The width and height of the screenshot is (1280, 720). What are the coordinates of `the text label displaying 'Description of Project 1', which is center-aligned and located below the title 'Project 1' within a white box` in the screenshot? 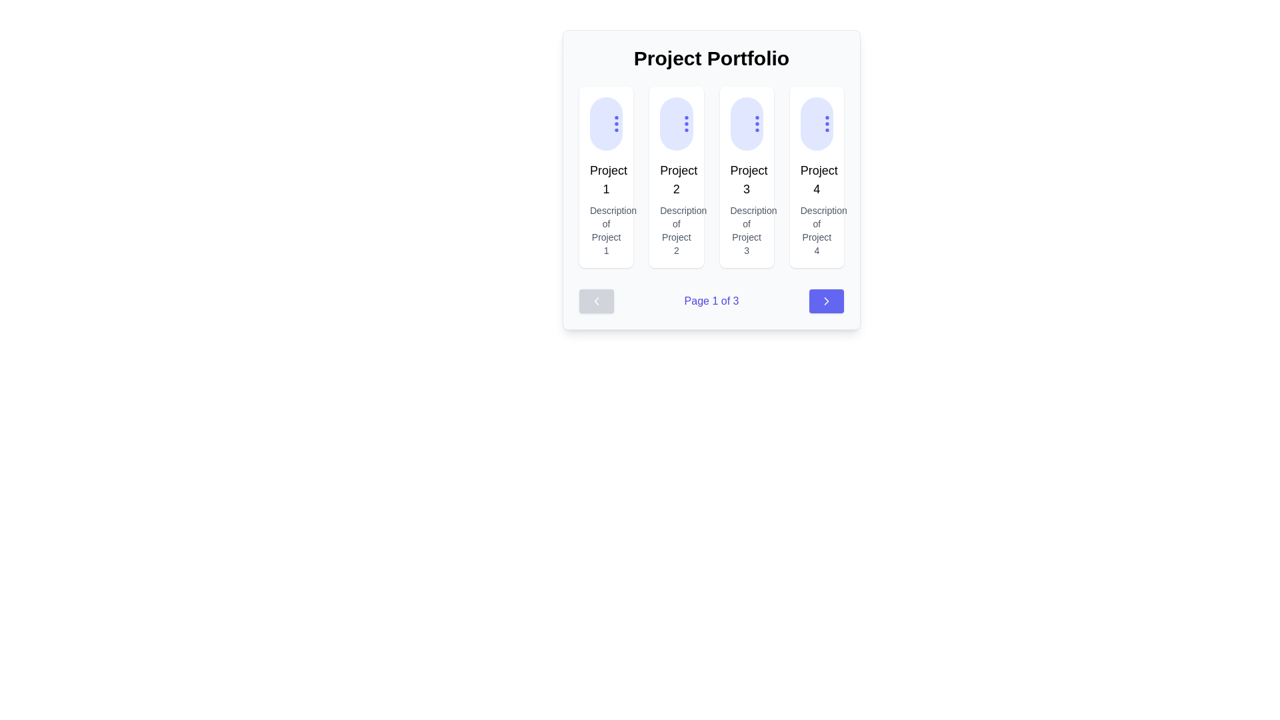 It's located at (605, 230).